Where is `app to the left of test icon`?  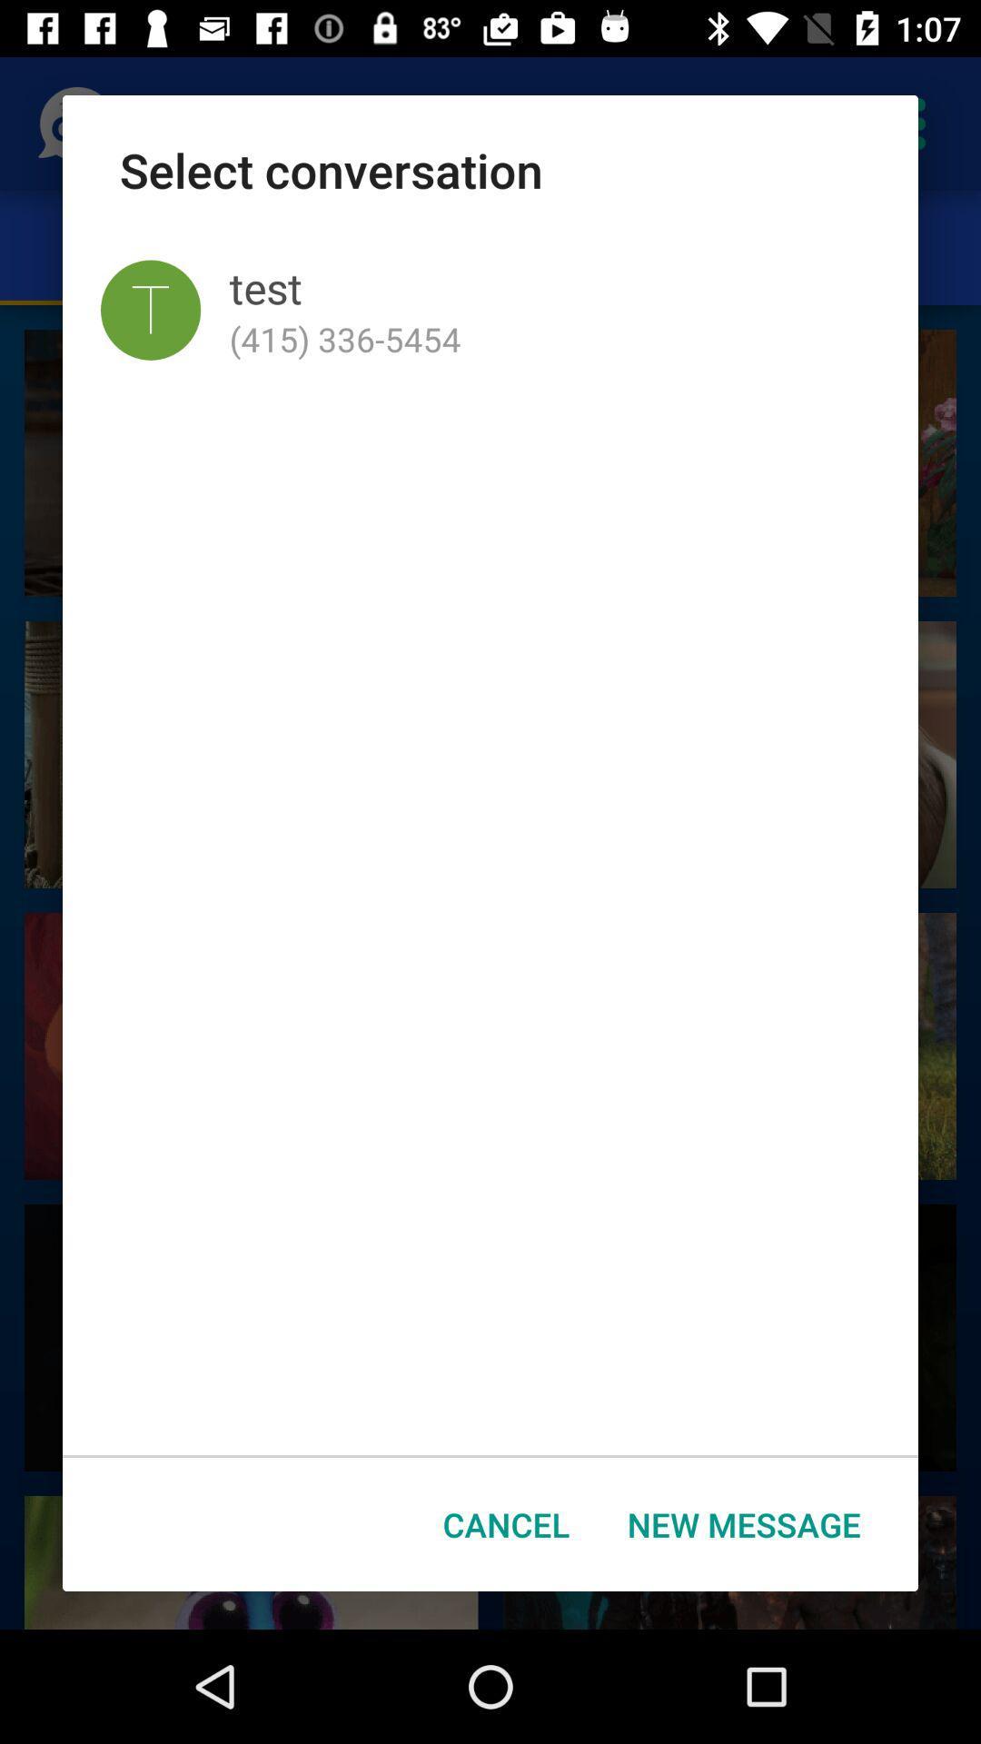 app to the left of test icon is located at coordinates (150, 310).